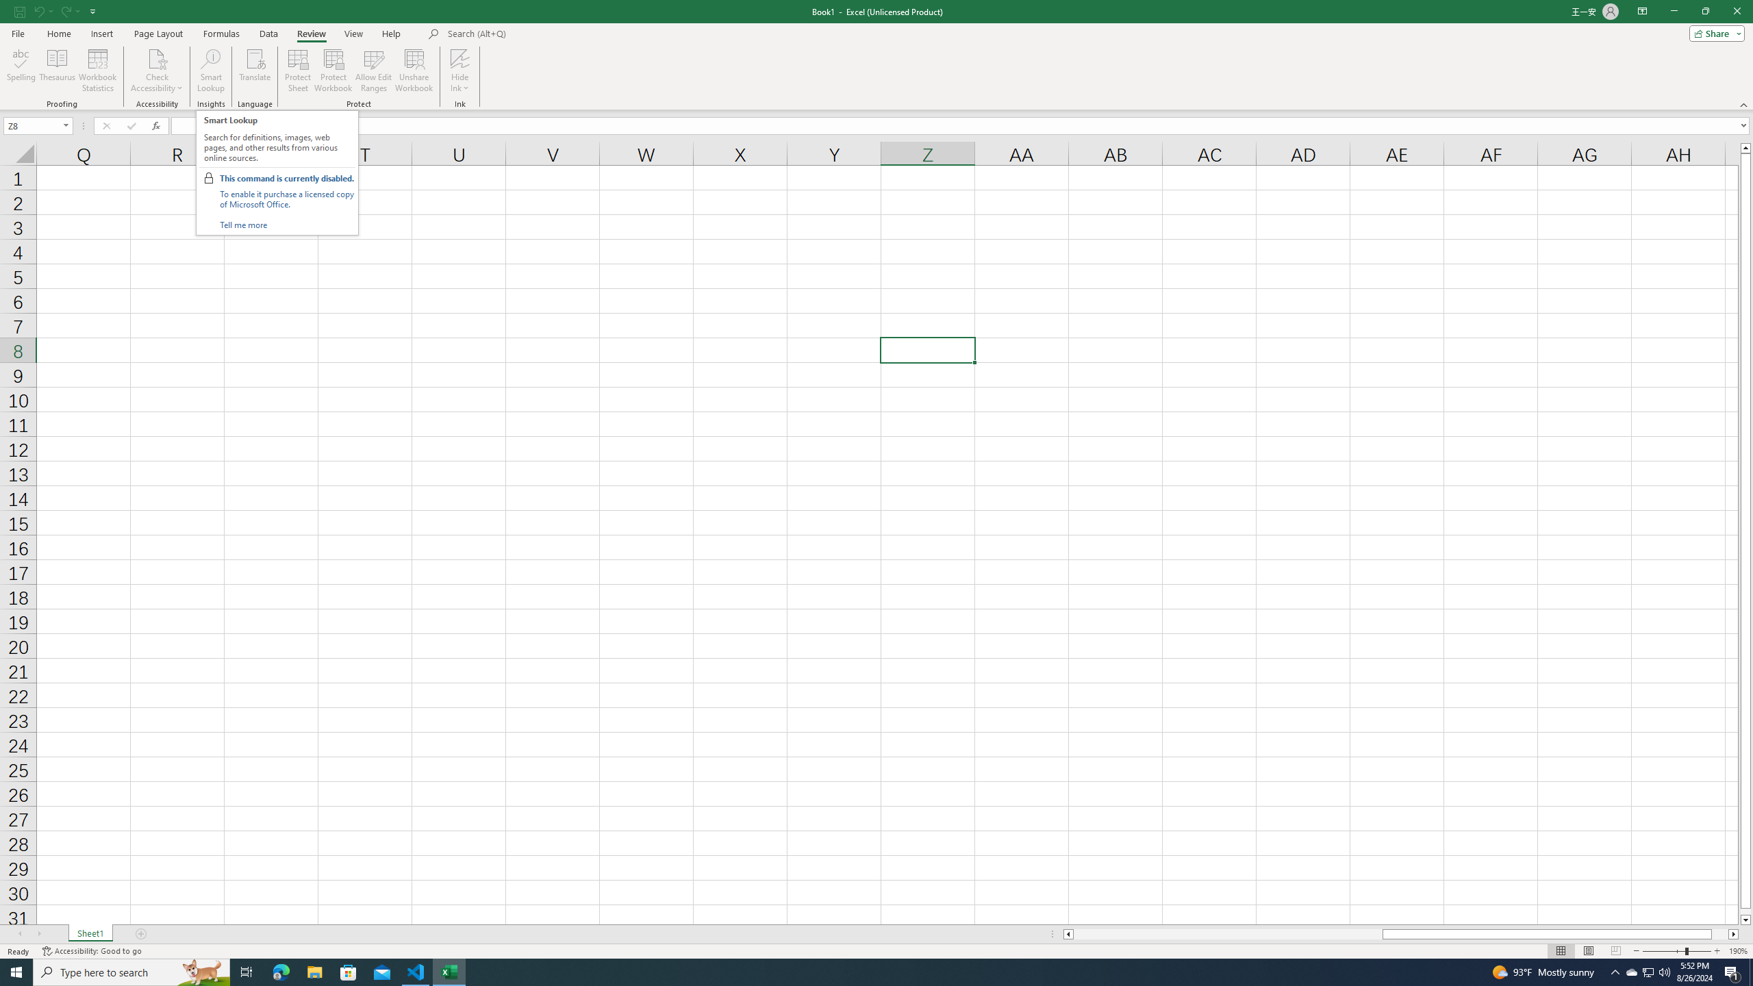 Image resolution: width=1753 pixels, height=986 pixels. I want to click on 'Check Accessibility', so click(156, 58).